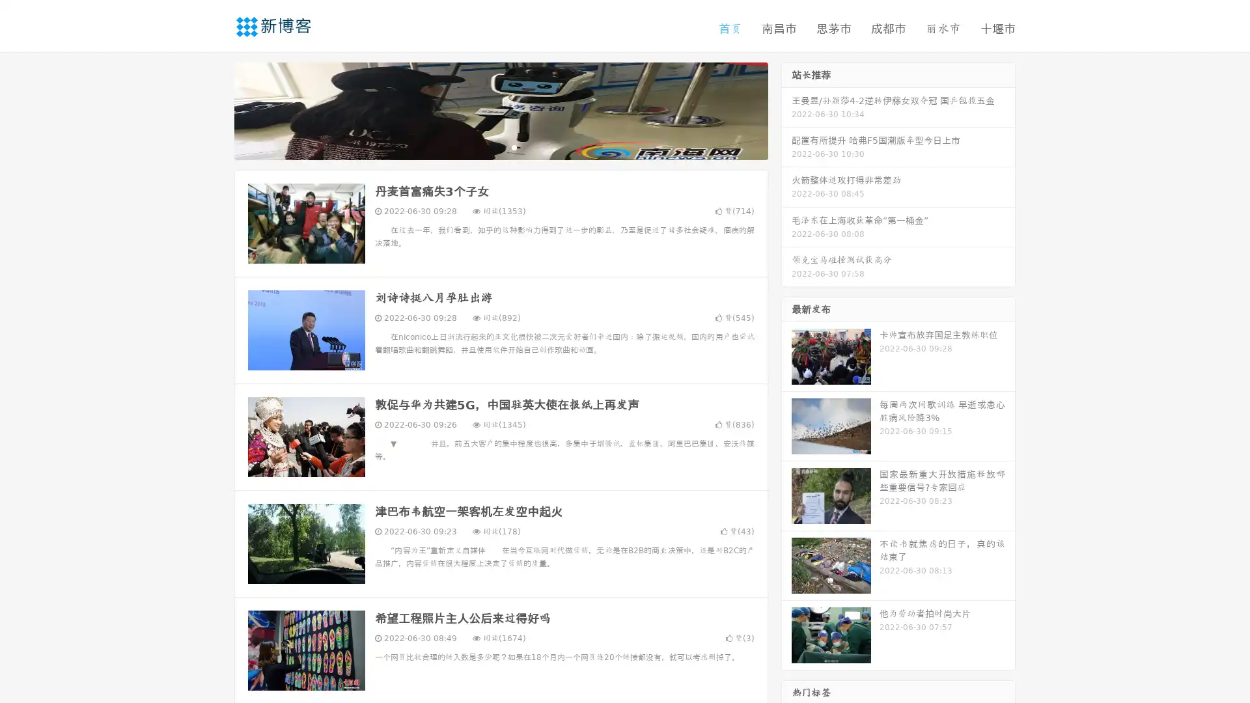 Image resolution: width=1250 pixels, height=703 pixels. What do you see at coordinates (487, 146) in the screenshot?
I see `Go to slide 1` at bounding box center [487, 146].